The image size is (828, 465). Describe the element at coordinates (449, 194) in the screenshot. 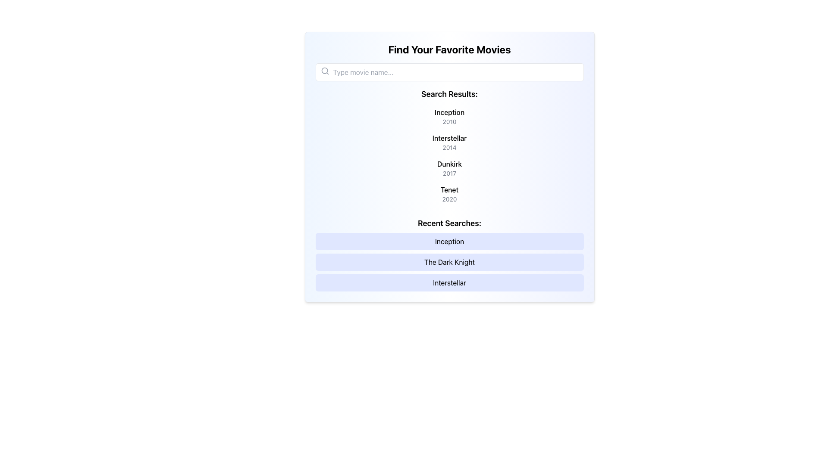

I see `the fourth list item titled 'Tenet' with the release year '2020' located under the header 'Search Results'` at that location.